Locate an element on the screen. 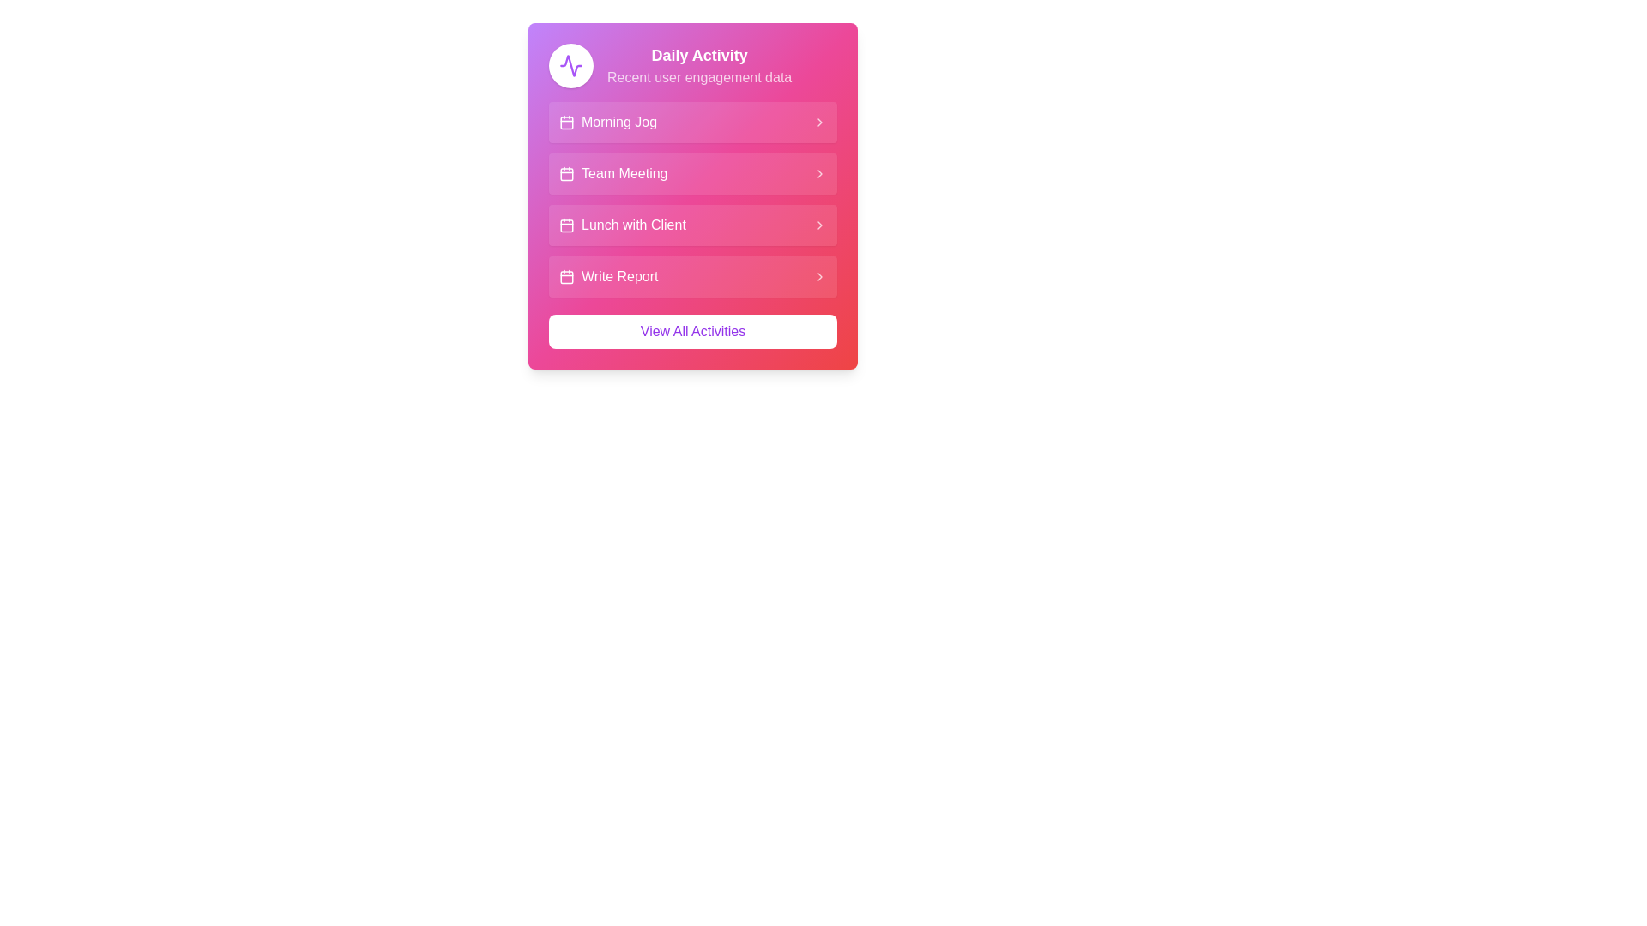  the list item labeled 'Lunch with Client' that is the third item in the agenda under the 'Daily Activity' section is located at coordinates (692, 198).